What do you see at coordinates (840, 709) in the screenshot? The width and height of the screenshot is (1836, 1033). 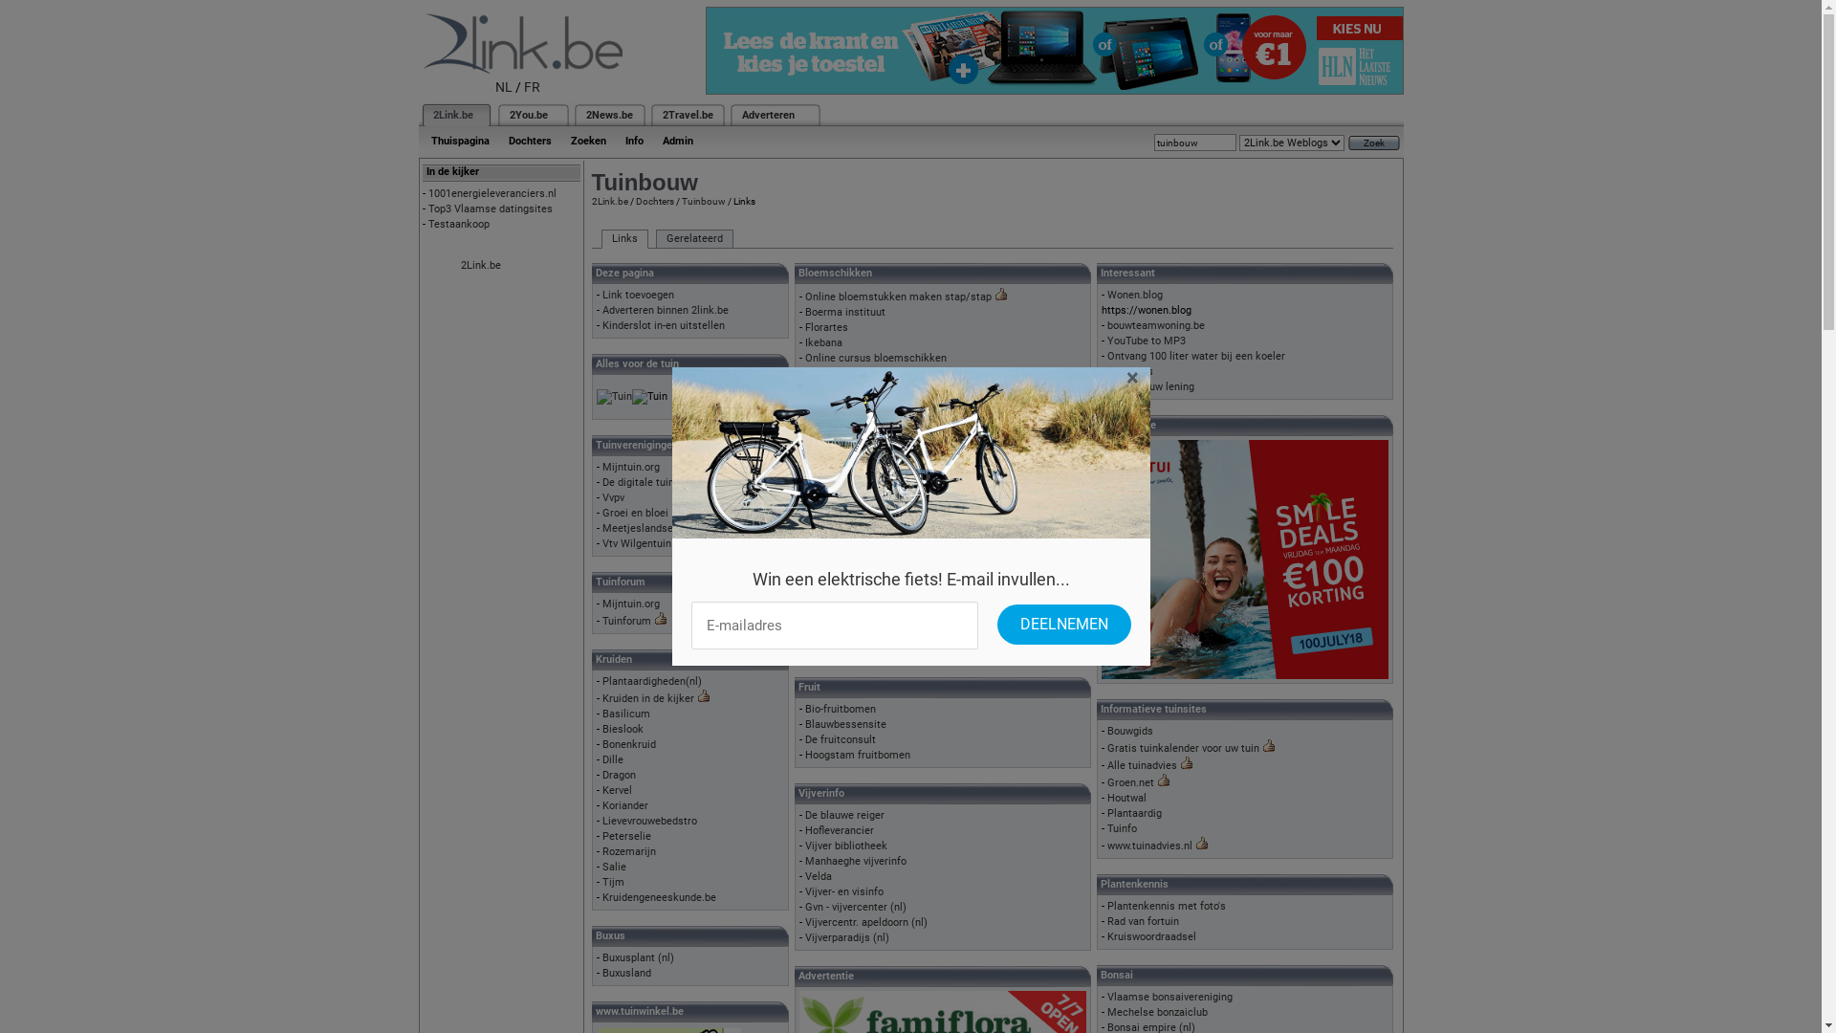 I see `'Bio-fruitbomen'` at bounding box center [840, 709].